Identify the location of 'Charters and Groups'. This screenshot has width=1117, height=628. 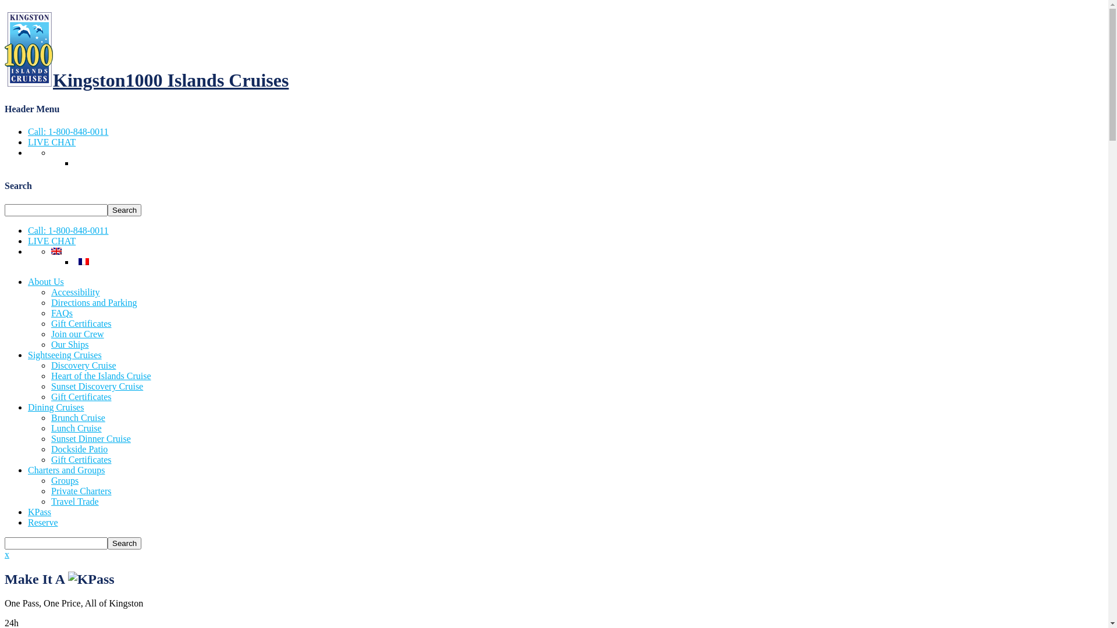
(66, 469).